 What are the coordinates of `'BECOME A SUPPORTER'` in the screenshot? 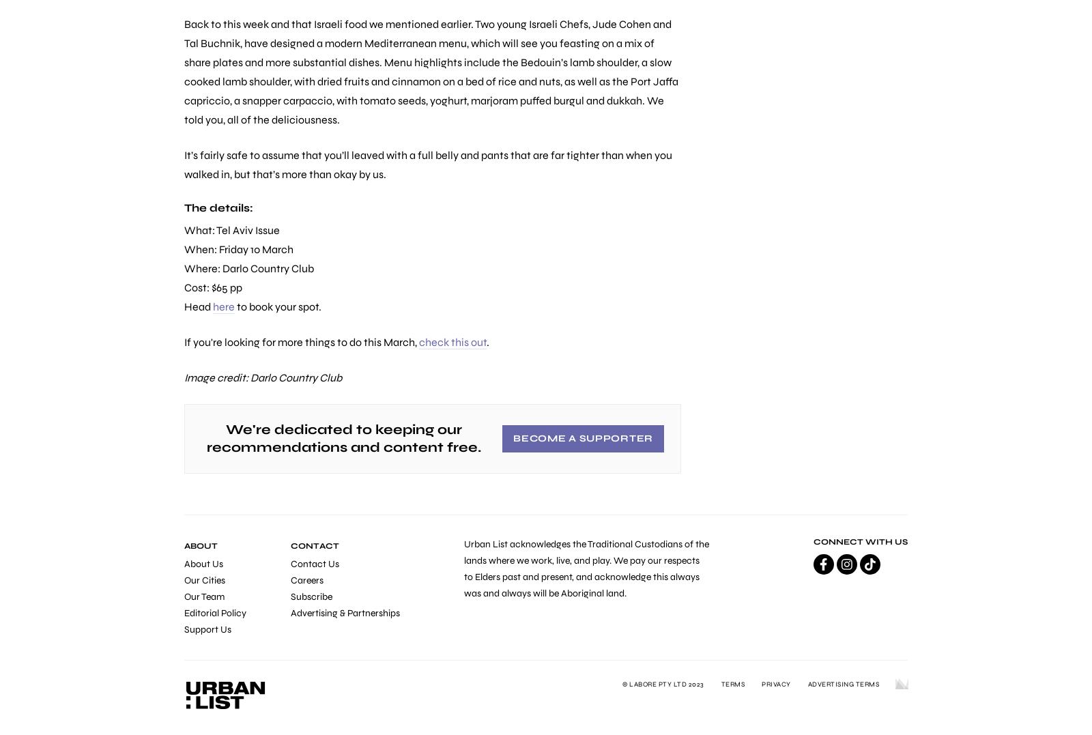 It's located at (582, 438).